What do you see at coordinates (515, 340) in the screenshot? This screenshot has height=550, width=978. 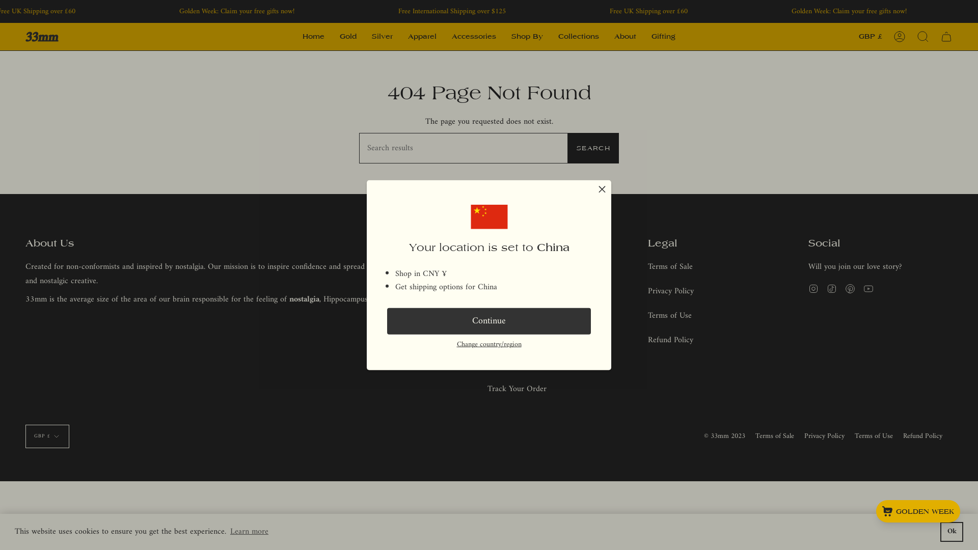 I see `'Materials & Care'` at bounding box center [515, 340].